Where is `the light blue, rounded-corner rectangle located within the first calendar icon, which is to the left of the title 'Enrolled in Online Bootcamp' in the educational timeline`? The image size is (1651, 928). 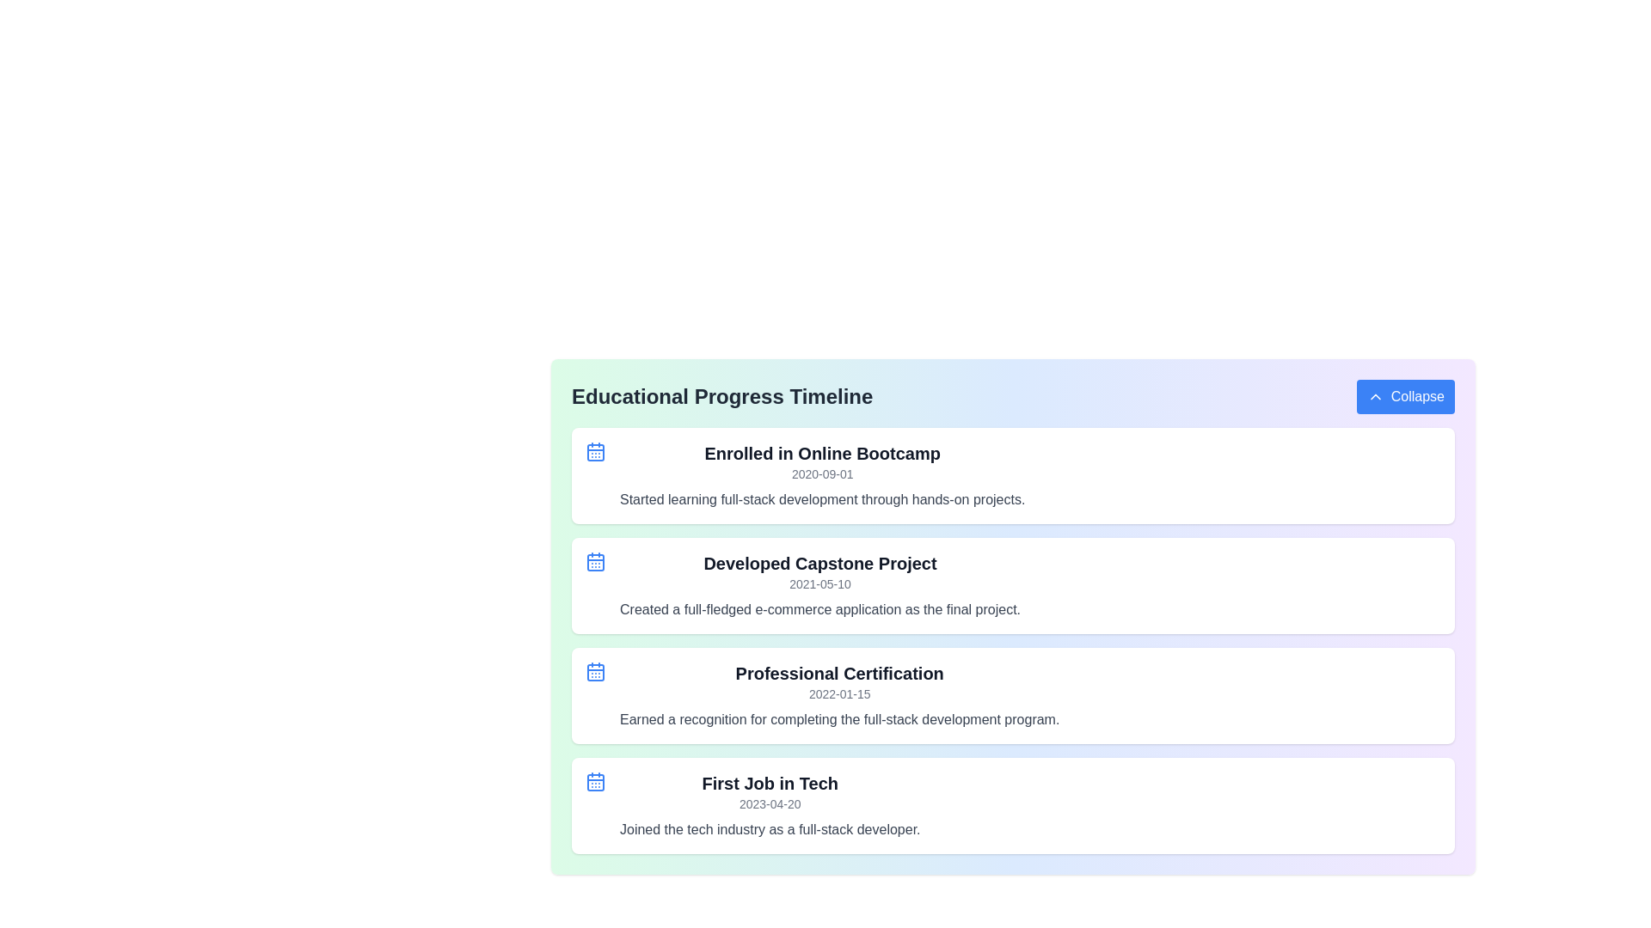
the light blue, rounded-corner rectangle located within the first calendar icon, which is to the left of the title 'Enrolled in Online Bootcamp' in the educational timeline is located at coordinates (595, 452).